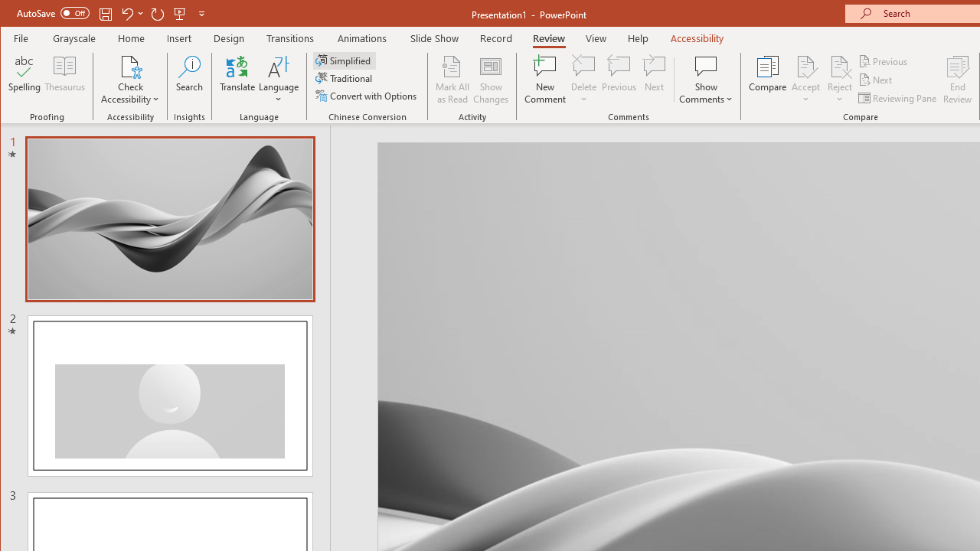 The image size is (980, 551). I want to click on 'Reject', so click(838, 80).